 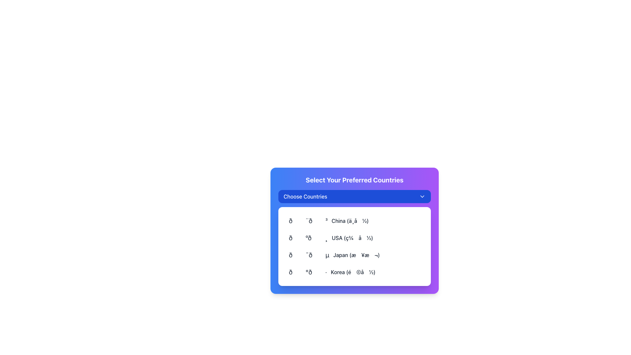 I want to click on the visual identifier image for the country 'China' located in the dropdown list under the 'Choose Countries' button, which is the first entry in the list, preceding the text label 'China (中国)', so click(x=308, y=221).